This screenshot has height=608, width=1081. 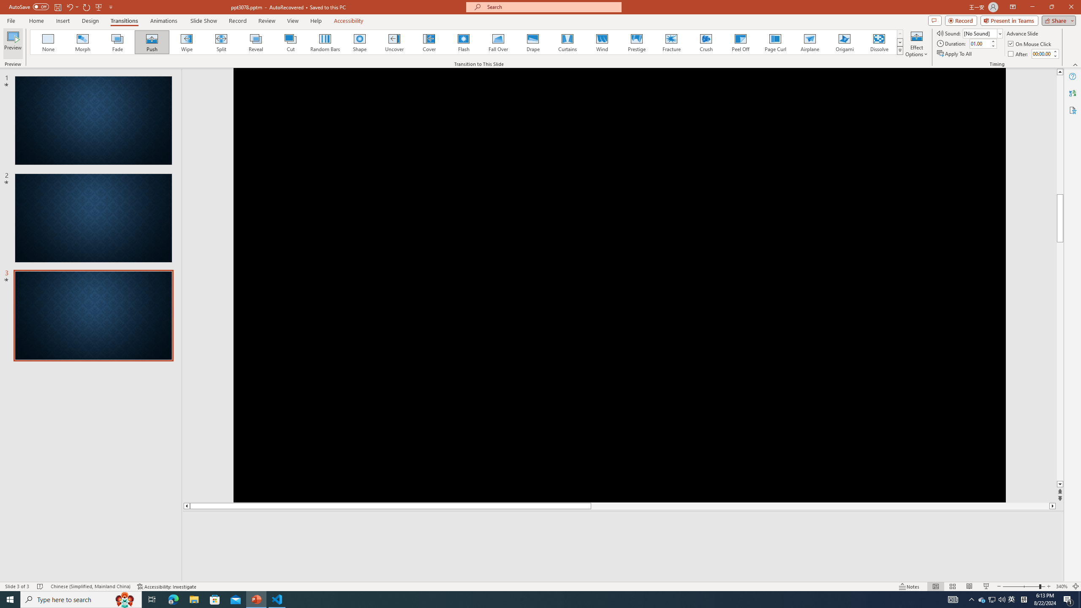 What do you see at coordinates (325, 42) in the screenshot?
I see `'Random Bars'` at bounding box center [325, 42].